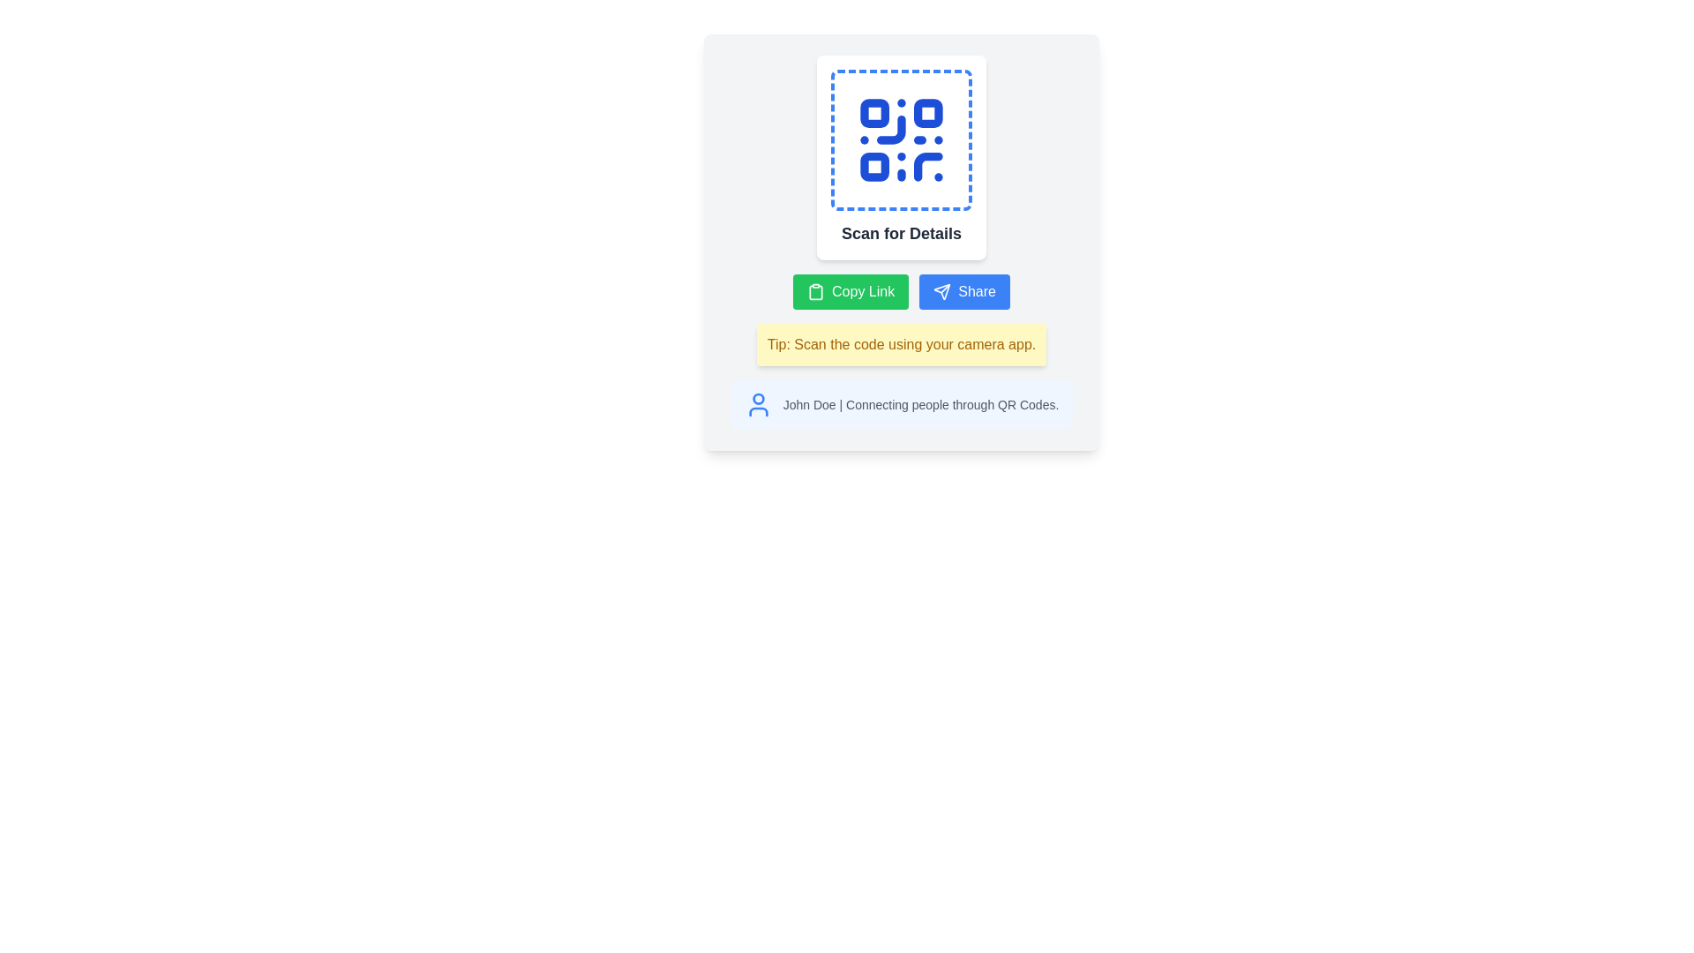 The height and width of the screenshot is (953, 1694). What do you see at coordinates (902, 139) in the screenshot?
I see `the QR code icon element located centrally within the dashed-border rectangle to scan it with a camera for extracting contents` at bounding box center [902, 139].